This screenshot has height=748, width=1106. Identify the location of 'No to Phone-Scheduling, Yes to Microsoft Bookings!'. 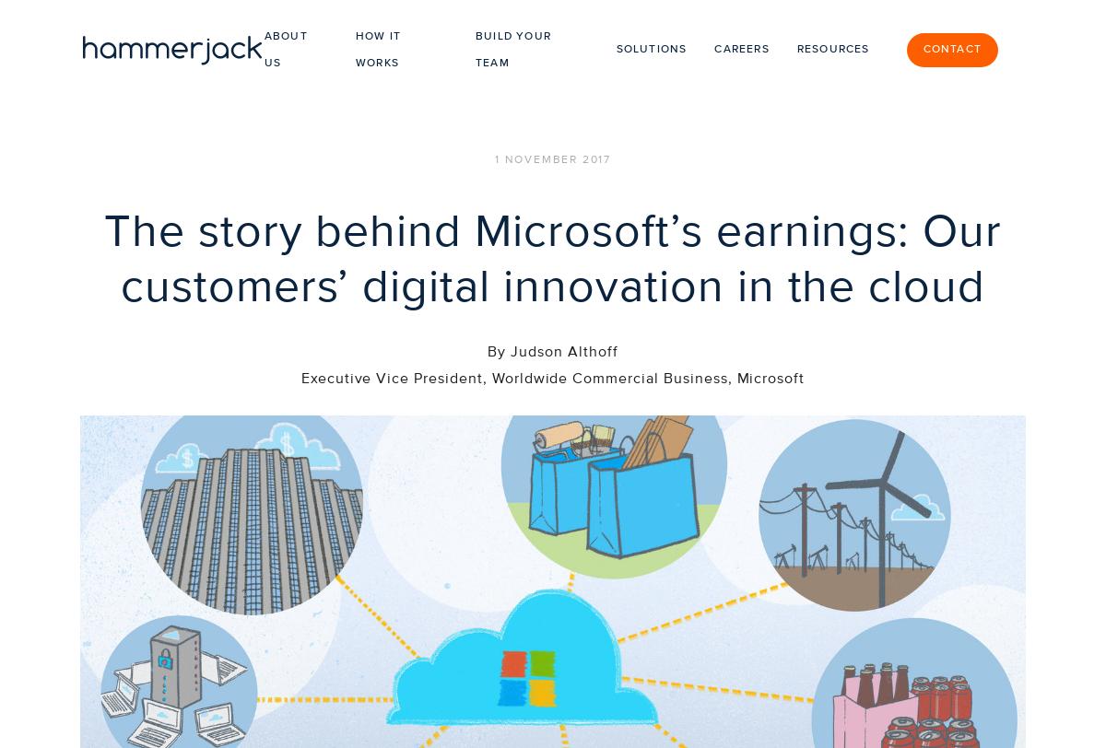
(864, 516).